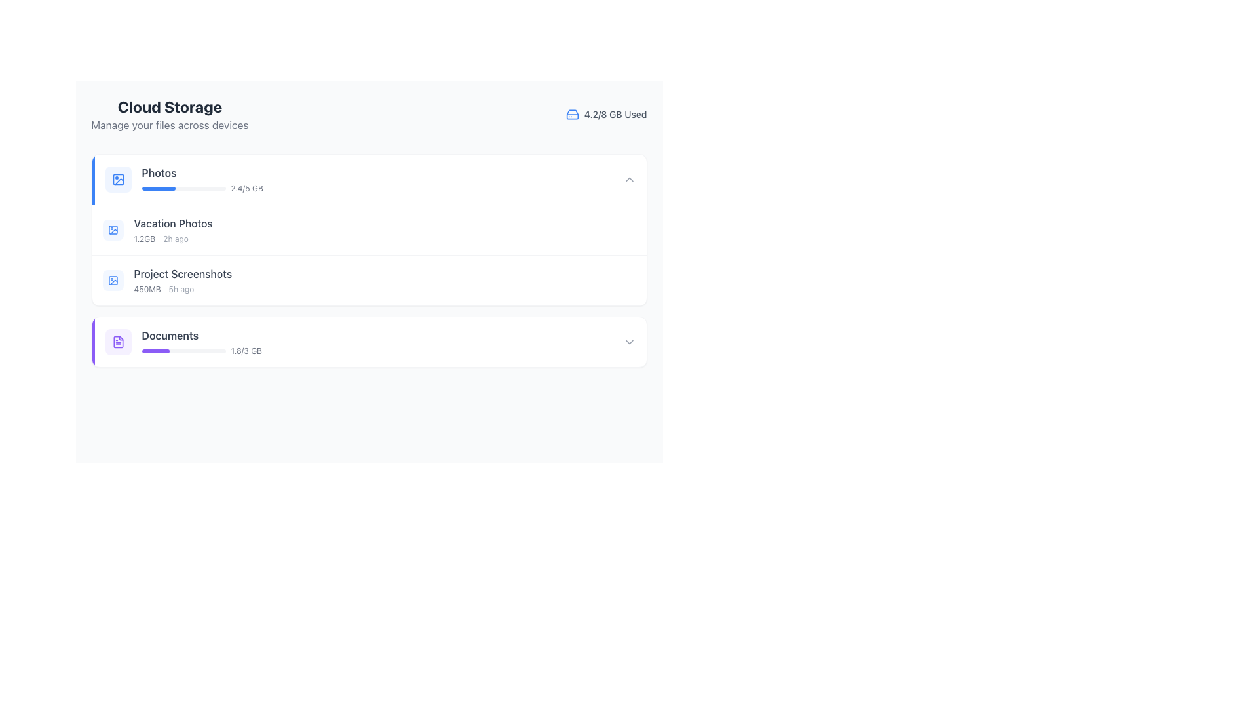 The height and width of the screenshot is (708, 1258). I want to click on the informational text group displaying metadata about the 'Vacation Photos' folder, located to the right of the 'Vacation Photos' label in the second row of the primary content section, so click(172, 239).